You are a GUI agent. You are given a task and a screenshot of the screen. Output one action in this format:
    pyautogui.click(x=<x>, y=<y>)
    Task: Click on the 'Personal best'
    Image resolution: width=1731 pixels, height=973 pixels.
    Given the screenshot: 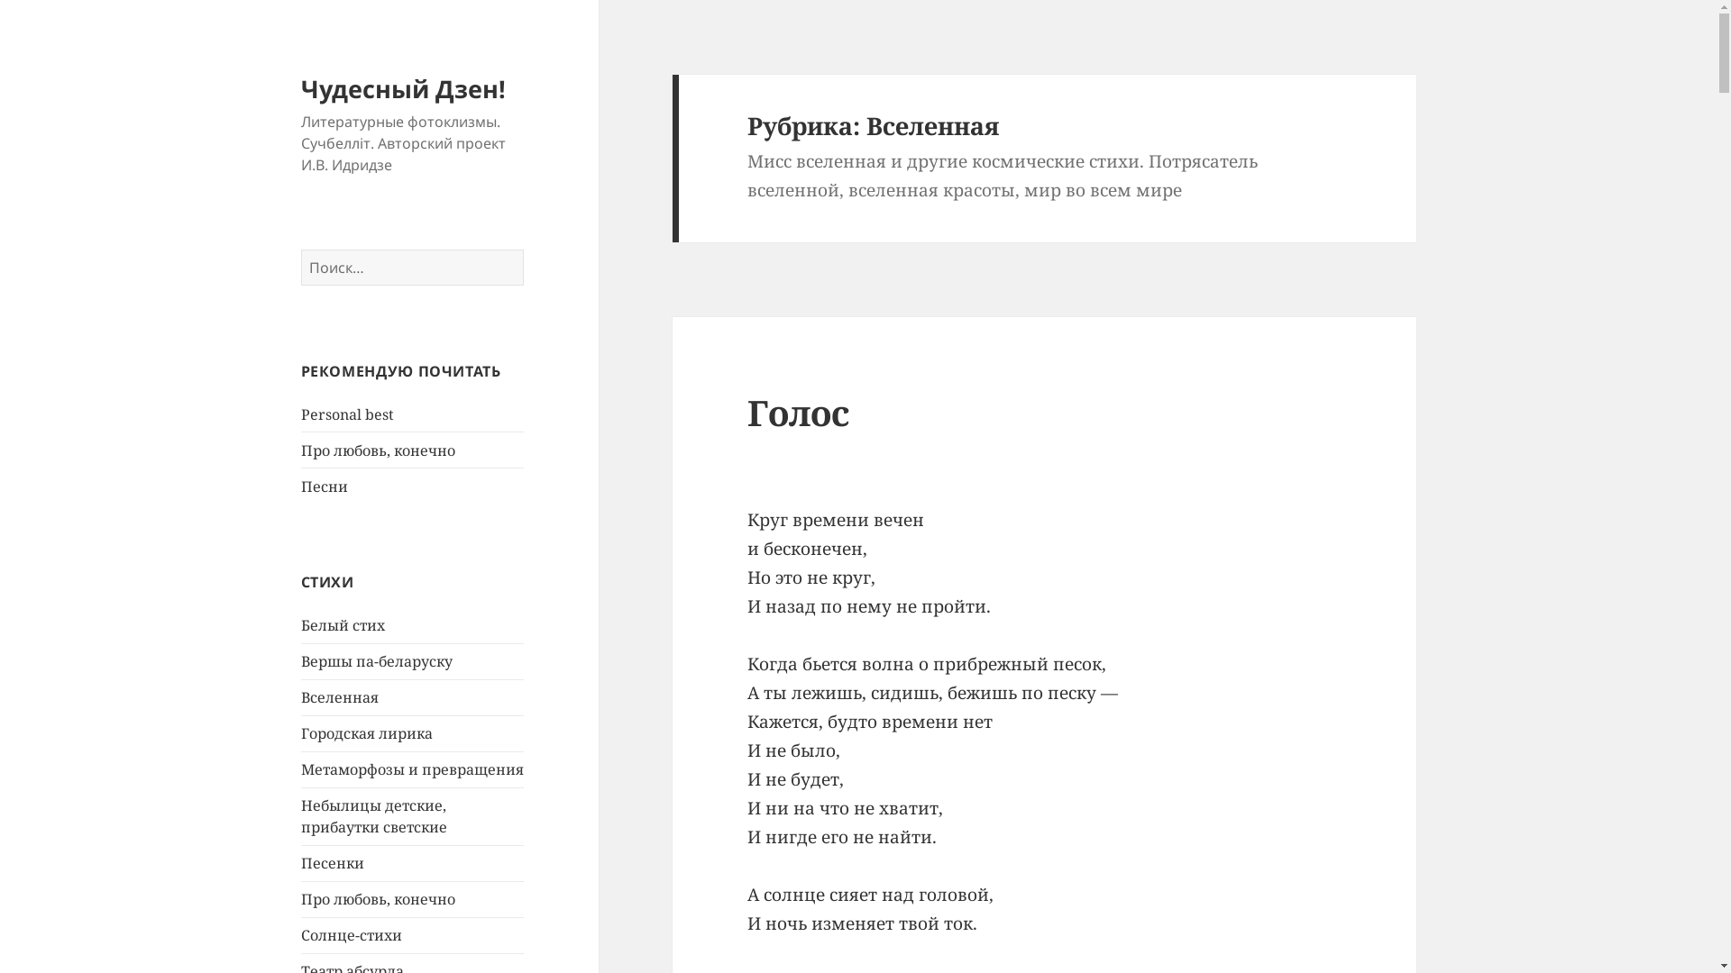 What is the action you would take?
    pyautogui.click(x=347, y=414)
    